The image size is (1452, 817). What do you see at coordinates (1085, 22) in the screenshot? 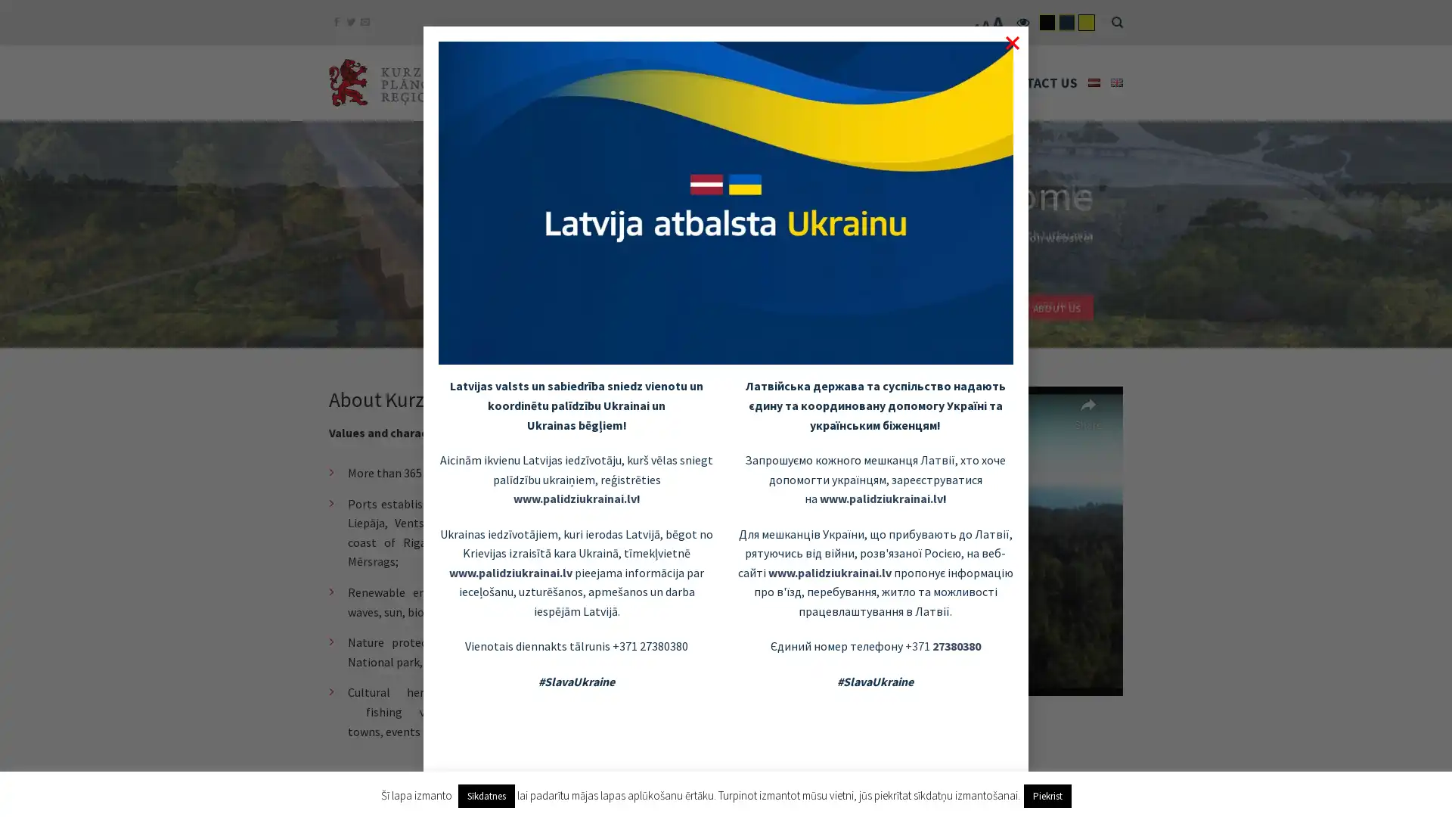
I see `flatsome-yelow` at bounding box center [1085, 22].